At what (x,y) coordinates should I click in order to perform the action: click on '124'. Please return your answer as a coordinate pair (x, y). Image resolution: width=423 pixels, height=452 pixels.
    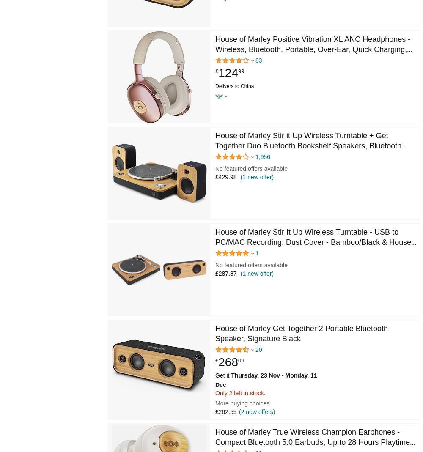
    Looking at the image, I should click on (228, 73).